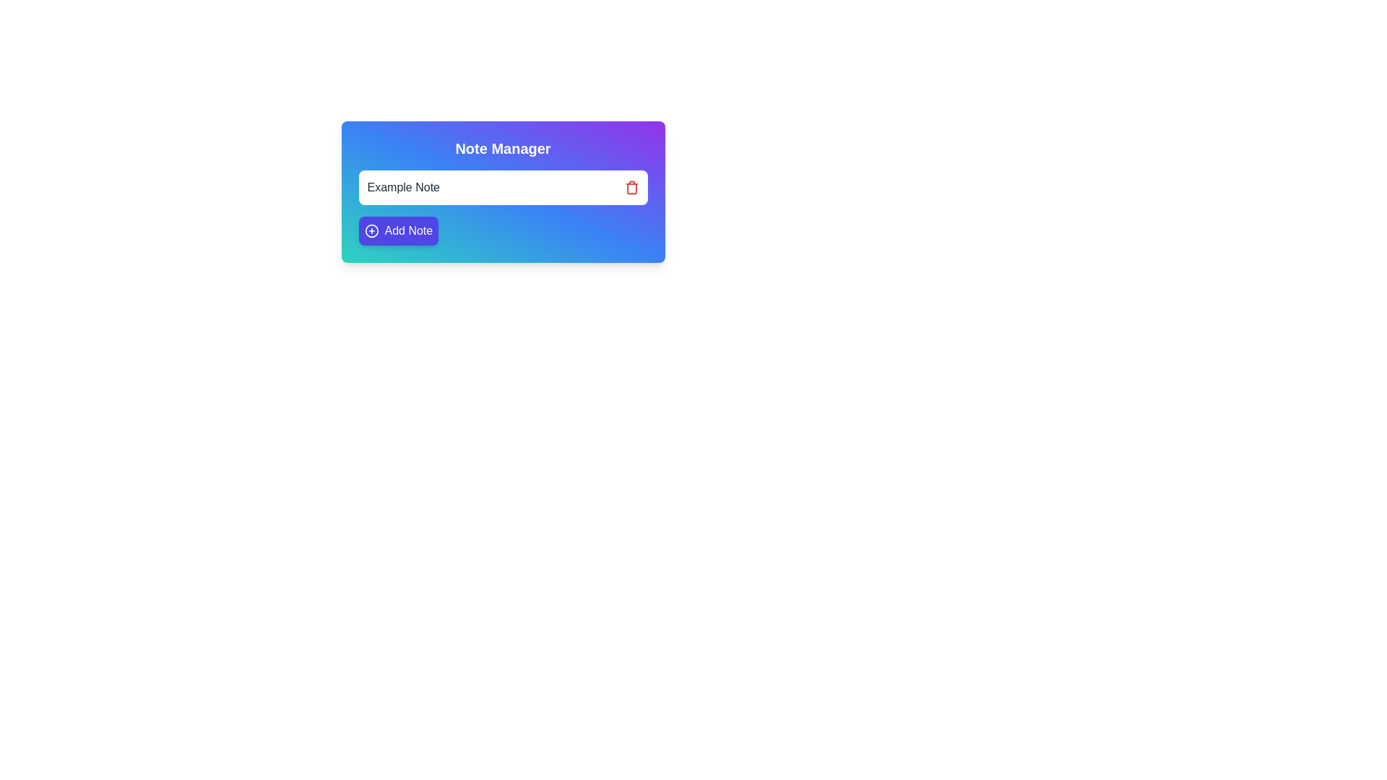 The height and width of the screenshot is (780, 1387). I want to click on the 'Add Note' button located at the bottom-left of the card with a gradient background transitioning from teal to purple, positioned below the 'Example Note' input field, to observe its hover effects, so click(398, 230).